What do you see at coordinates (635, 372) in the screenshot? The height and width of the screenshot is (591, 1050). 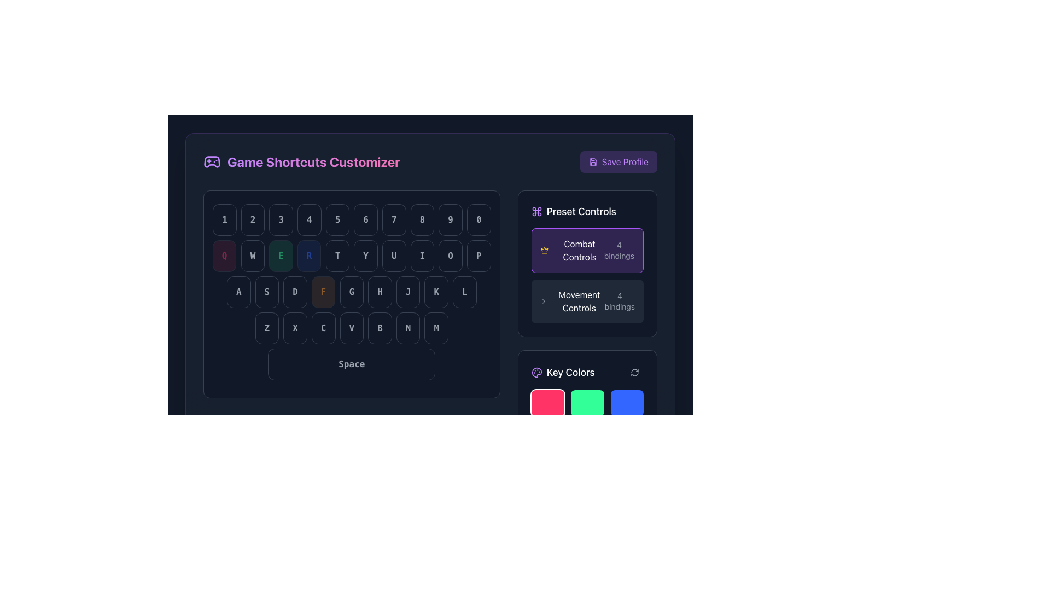 I see `the rounded rectangular button with a dark background and a circular arrow icon, located on the right edge of the 'Key Colors' section` at bounding box center [635, 372].